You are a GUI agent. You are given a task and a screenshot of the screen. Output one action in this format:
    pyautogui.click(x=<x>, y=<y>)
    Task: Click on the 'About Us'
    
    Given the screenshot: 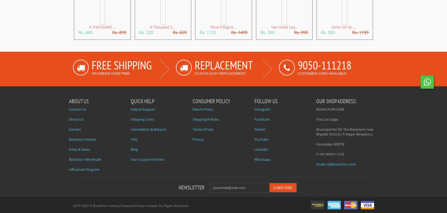 What is the action you would take?
    pyautogui.click(x=69, y=119)
    